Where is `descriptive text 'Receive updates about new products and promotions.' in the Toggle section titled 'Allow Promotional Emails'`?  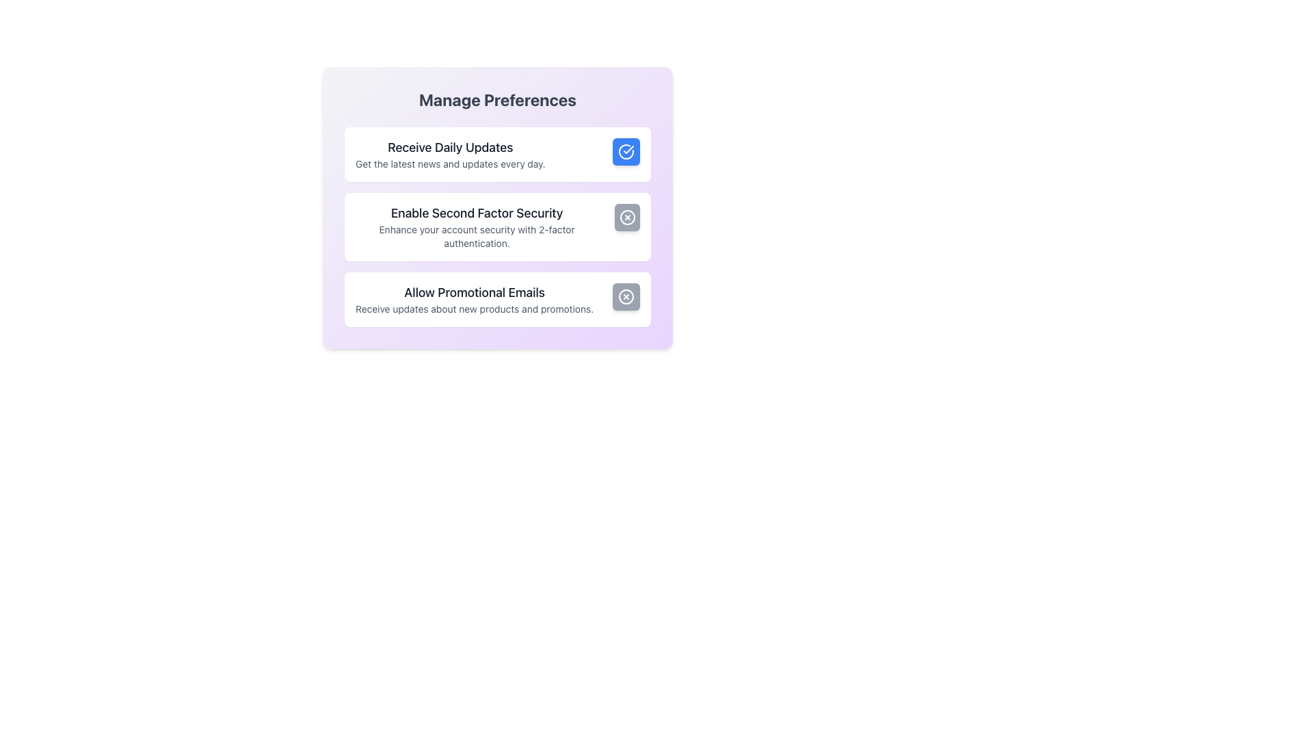 descriptive text 'Receive updates about new products and promotions.' in the Toggle section titled 'Allow Promotional Emails' is located at coordinates (497, 299).